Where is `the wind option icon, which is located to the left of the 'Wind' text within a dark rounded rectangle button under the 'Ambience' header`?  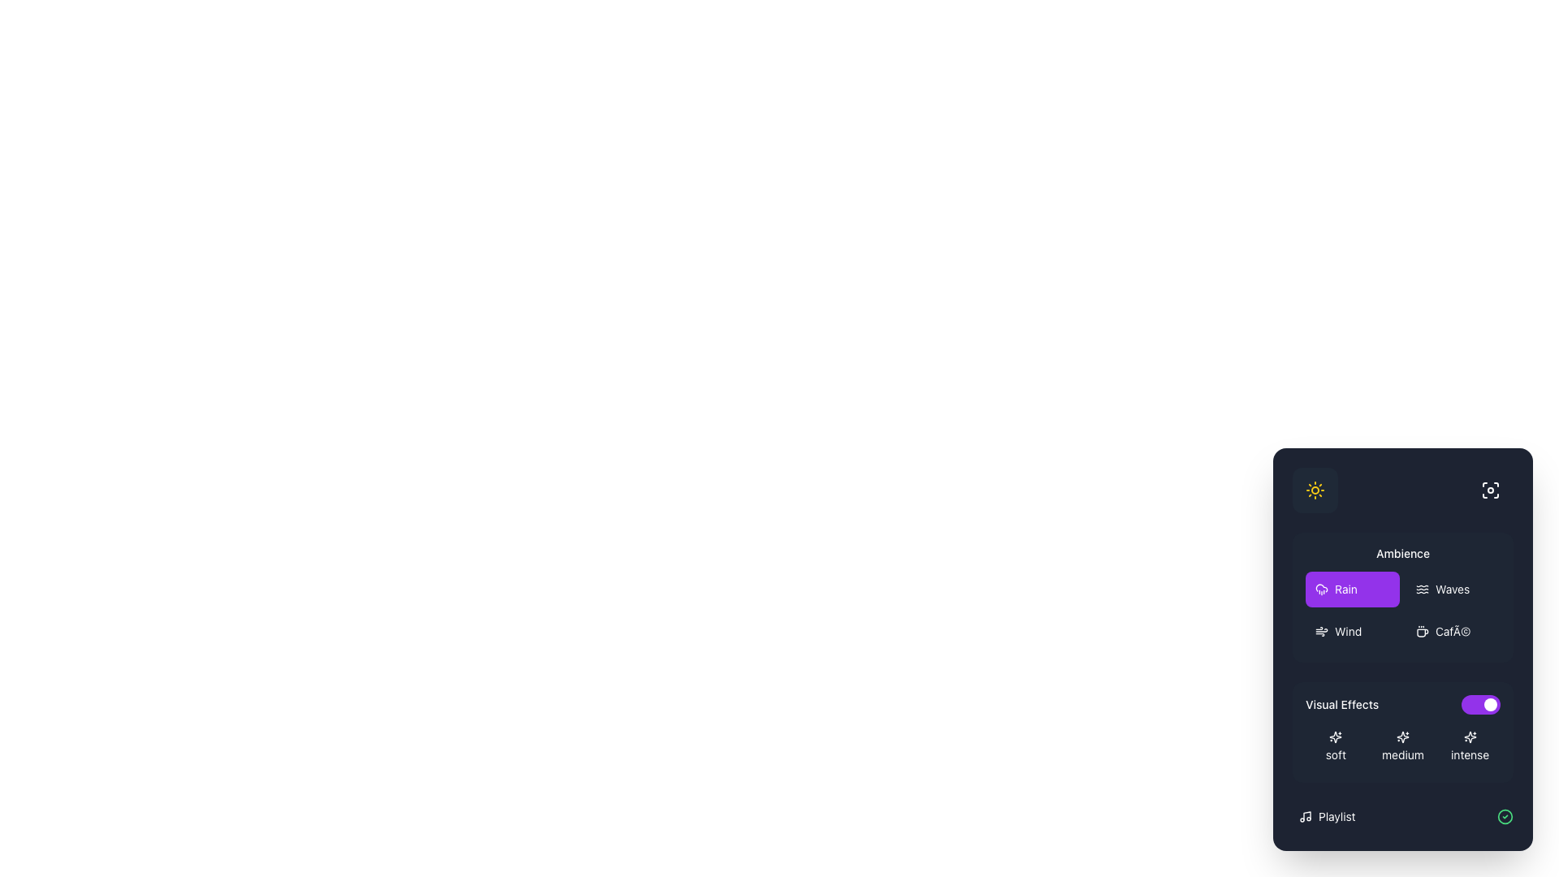
the wind option icon, which is located to the left of the 'Wind' text within a dark rounded rectangle button under the 'Ambience' header is located at coordinates (1321, 631).